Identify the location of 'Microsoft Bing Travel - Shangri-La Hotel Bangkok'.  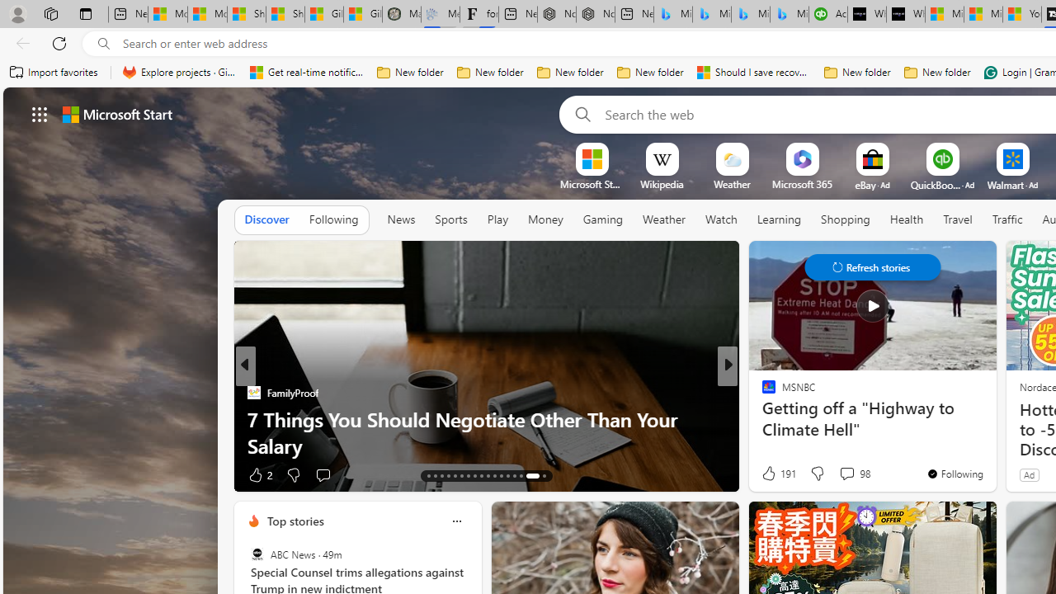
(789, 14).